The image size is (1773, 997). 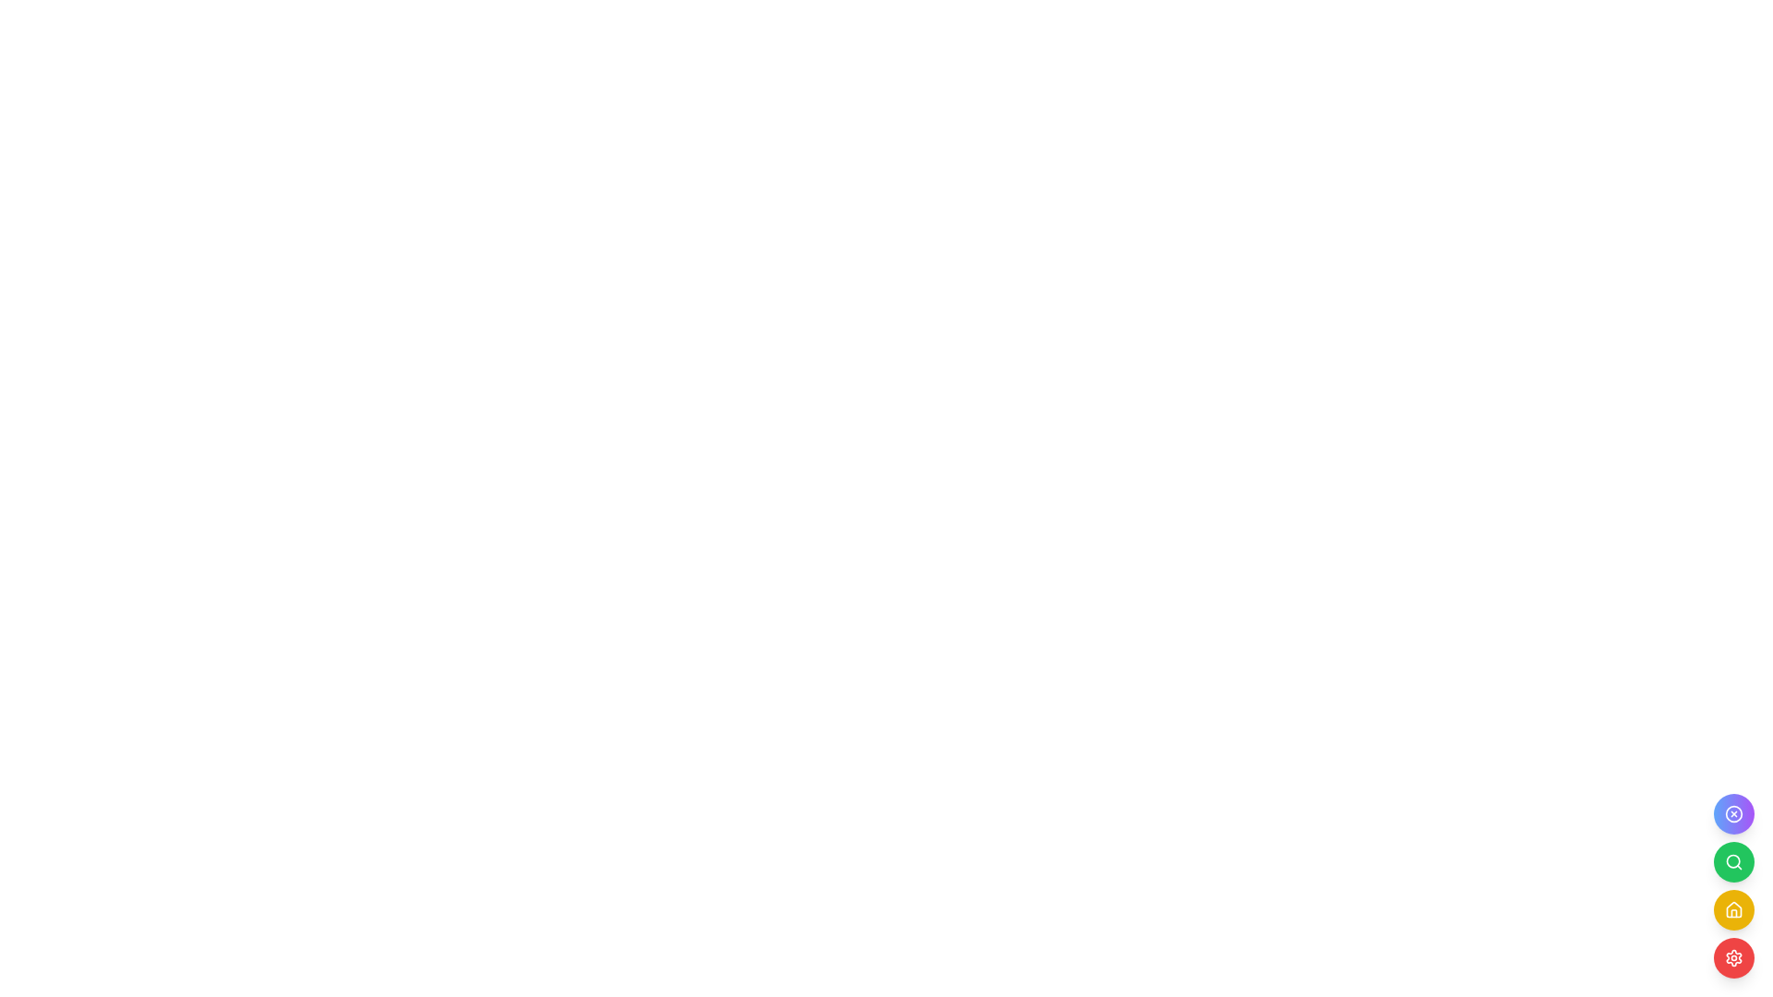 What do you see at coordinates (1732, 909) in the screenshot?
I see `the third circular button from the top in a vertical stack of four buttons located at the bottom-right corner of the interface, which has a yellow background and a white house icon, to return to the home page` at bounding box center [1732, 909].